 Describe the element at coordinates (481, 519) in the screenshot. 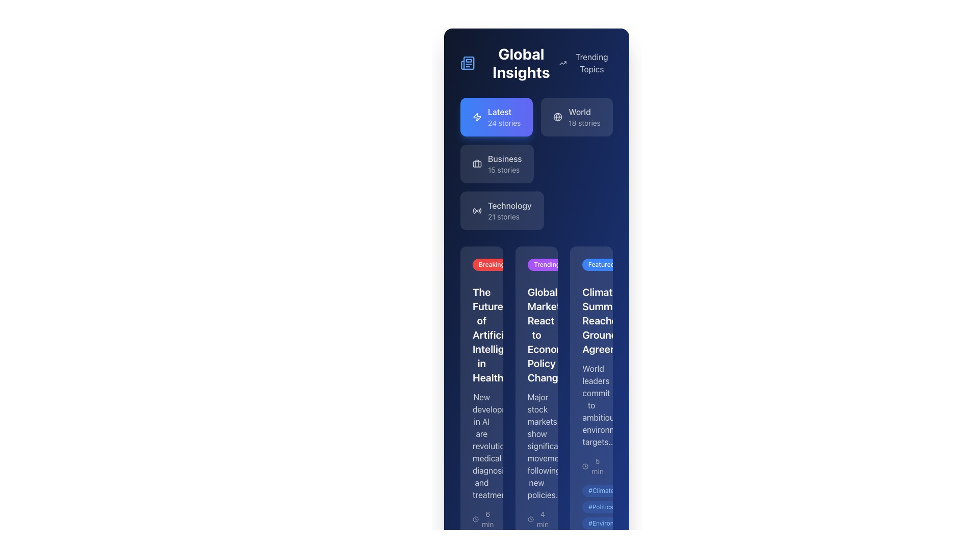

I see `the content of the Text and Icon Pair located at the bottom of the column titled 'The Future of Artificial Intelligence in Healthcare', which displays the reading time or duration` at that location.